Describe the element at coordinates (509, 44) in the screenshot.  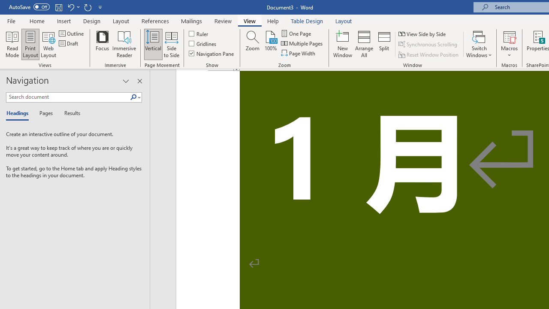
I see `'Macros'` at that location.